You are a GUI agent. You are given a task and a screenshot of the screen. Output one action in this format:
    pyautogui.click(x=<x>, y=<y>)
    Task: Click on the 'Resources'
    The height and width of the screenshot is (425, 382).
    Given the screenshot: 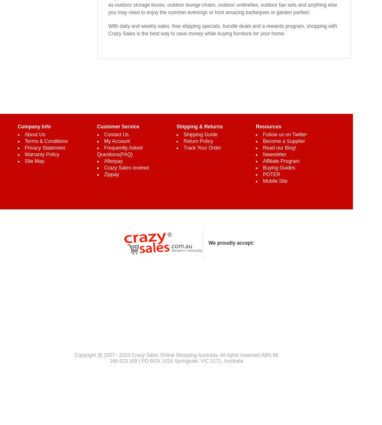 What is the action you would take?
    pyautogui.click(x=268, y=126)
    